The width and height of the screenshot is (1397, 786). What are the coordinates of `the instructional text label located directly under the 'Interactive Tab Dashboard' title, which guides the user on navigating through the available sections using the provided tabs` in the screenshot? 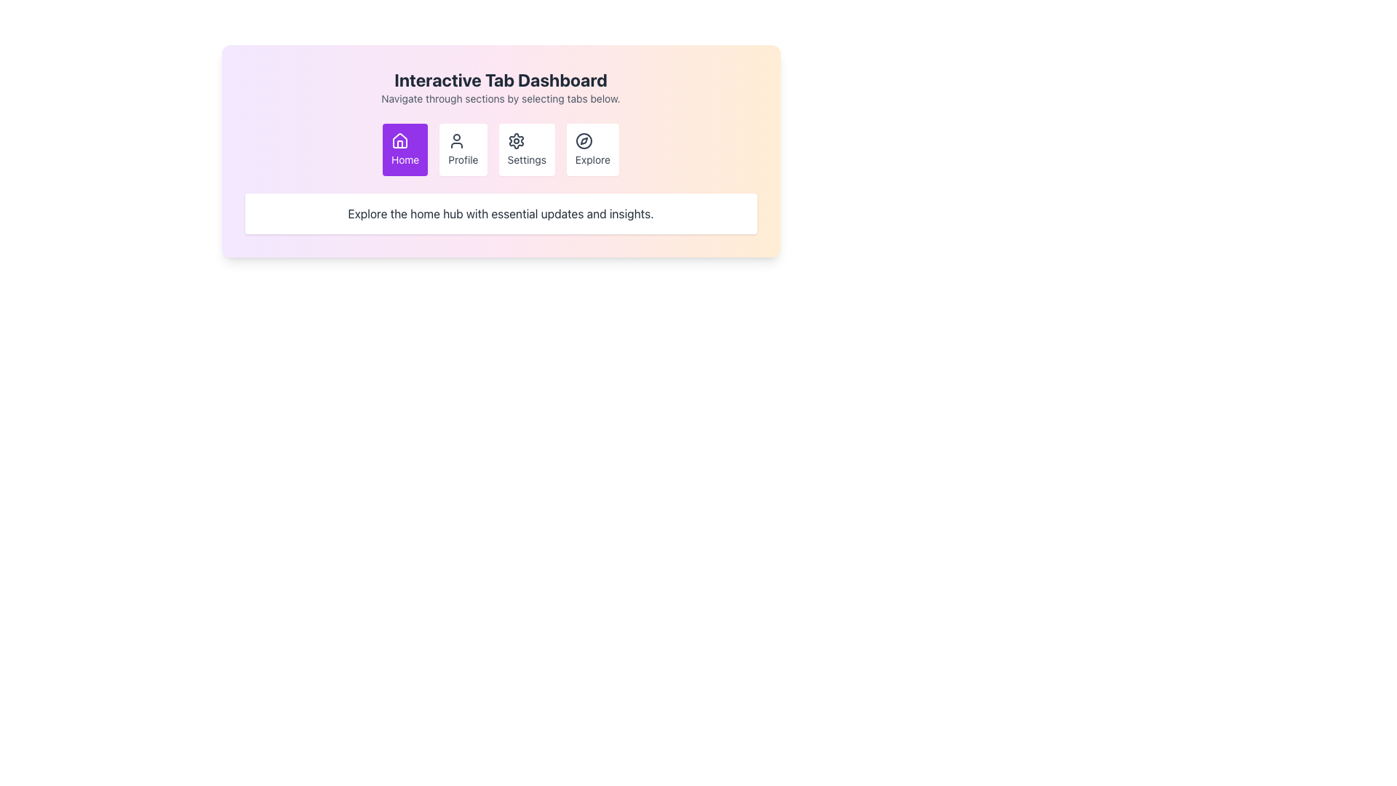 It's located at (501, 98).